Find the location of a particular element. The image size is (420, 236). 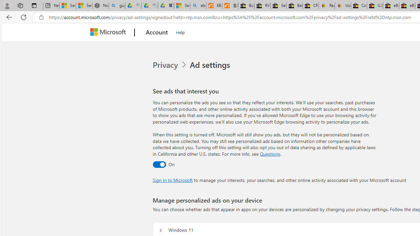

'Register: Create a personal eBay account' is located at coordinates (326, 6).